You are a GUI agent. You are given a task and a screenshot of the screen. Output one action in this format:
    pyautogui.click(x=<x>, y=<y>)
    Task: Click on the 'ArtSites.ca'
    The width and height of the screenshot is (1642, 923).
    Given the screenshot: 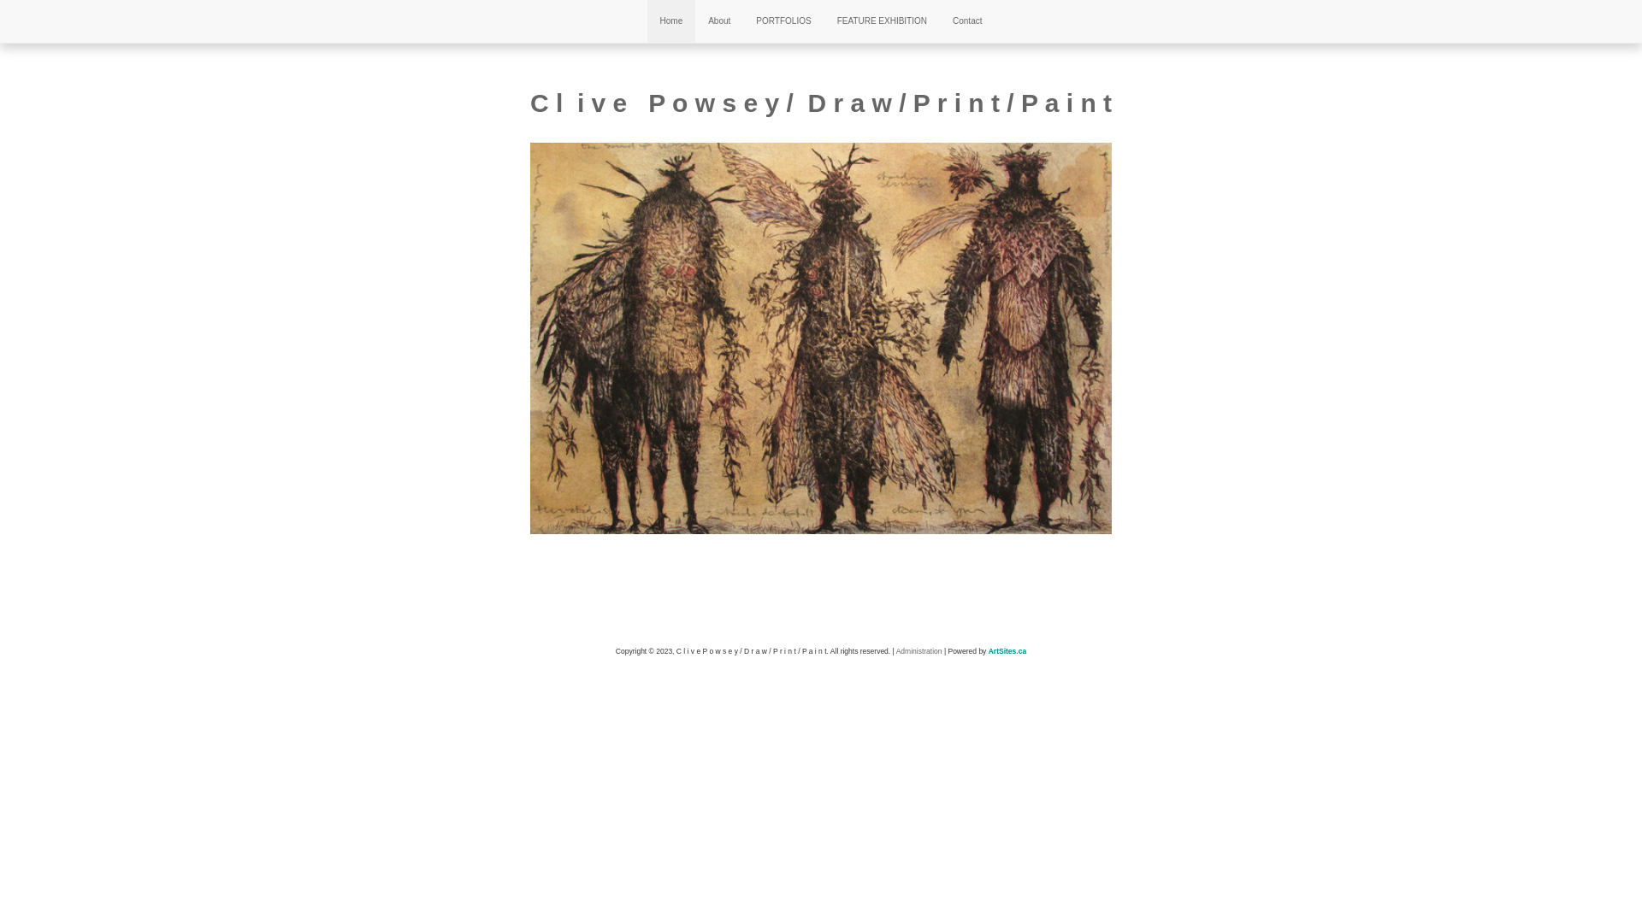 What is the action you would take?
    pyautogui.click(x=1007, y=651)
    